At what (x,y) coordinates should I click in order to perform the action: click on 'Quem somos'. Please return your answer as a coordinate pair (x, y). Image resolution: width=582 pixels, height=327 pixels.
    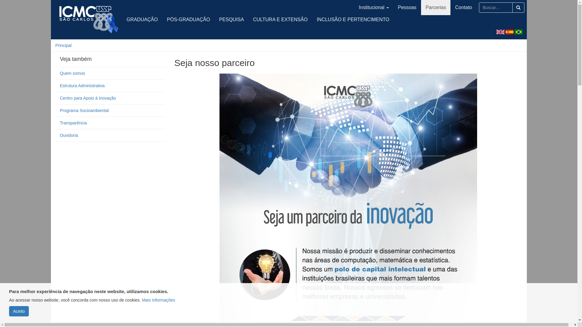
    Looking at the image, I should click on (110, 73).